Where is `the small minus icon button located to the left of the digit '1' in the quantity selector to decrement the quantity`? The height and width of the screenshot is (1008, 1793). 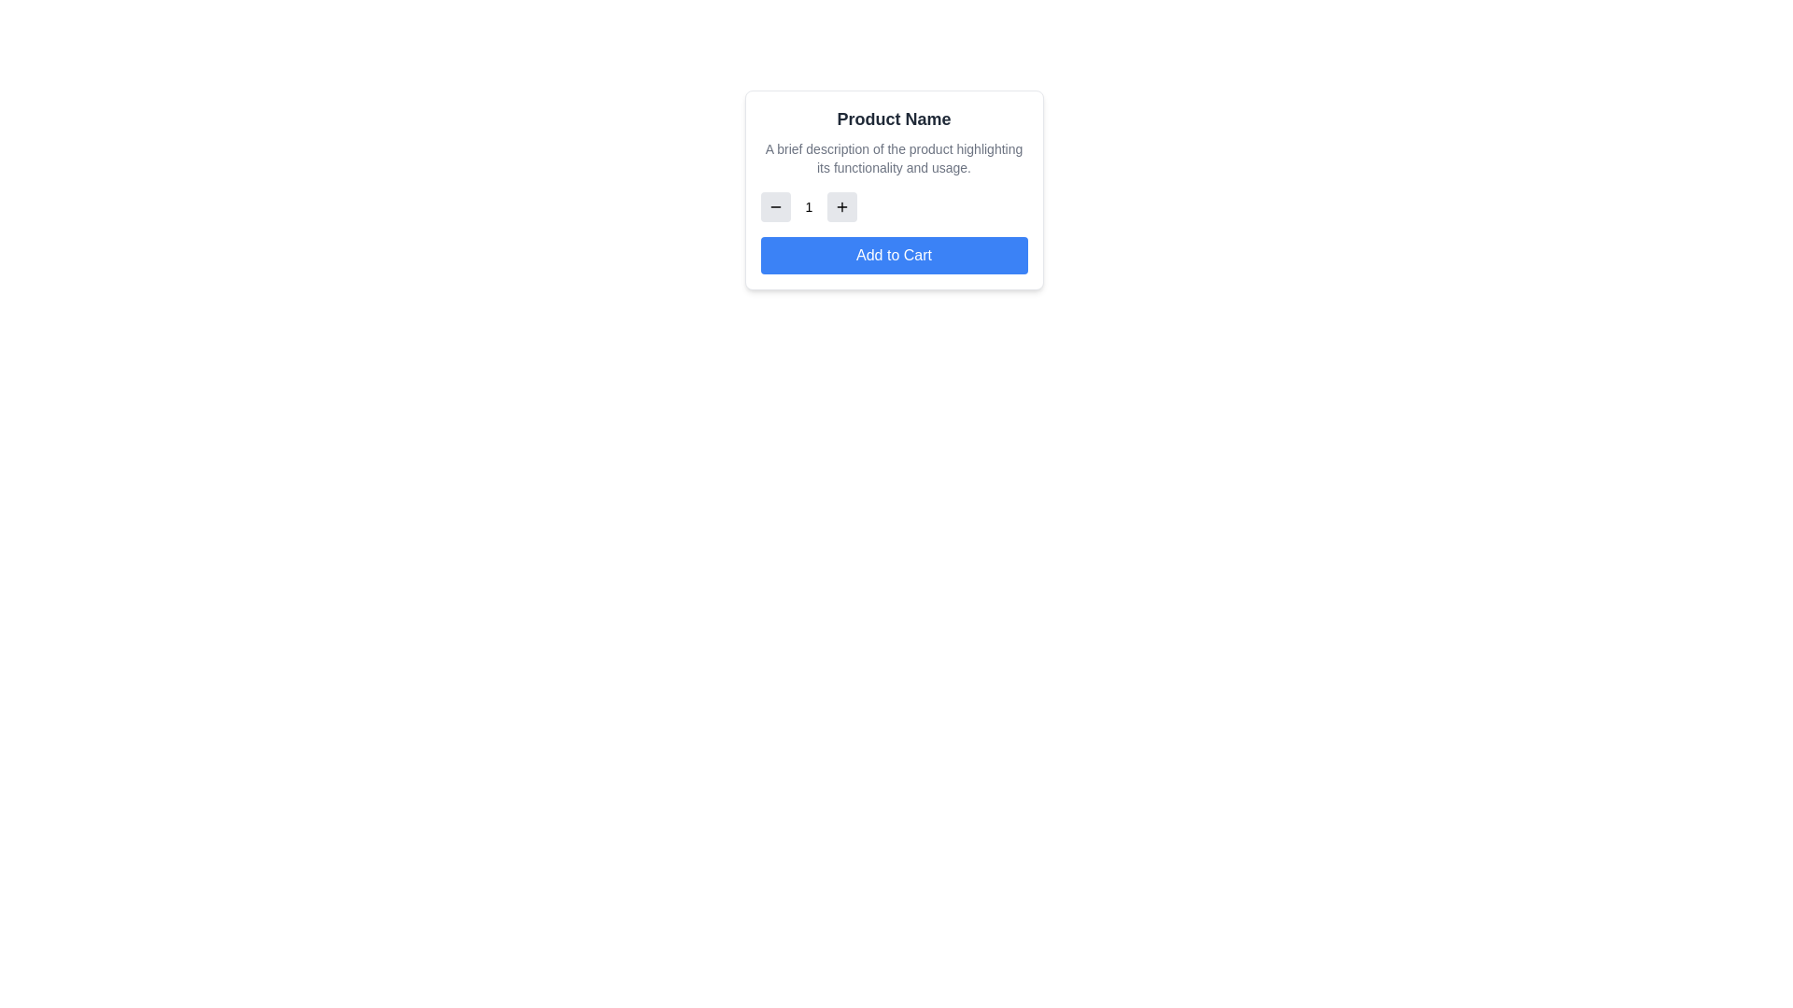 the small minus icon button located to the left of the digit '1' in the quantity selector to decrement the quantity is located at coordinates (775, 207).